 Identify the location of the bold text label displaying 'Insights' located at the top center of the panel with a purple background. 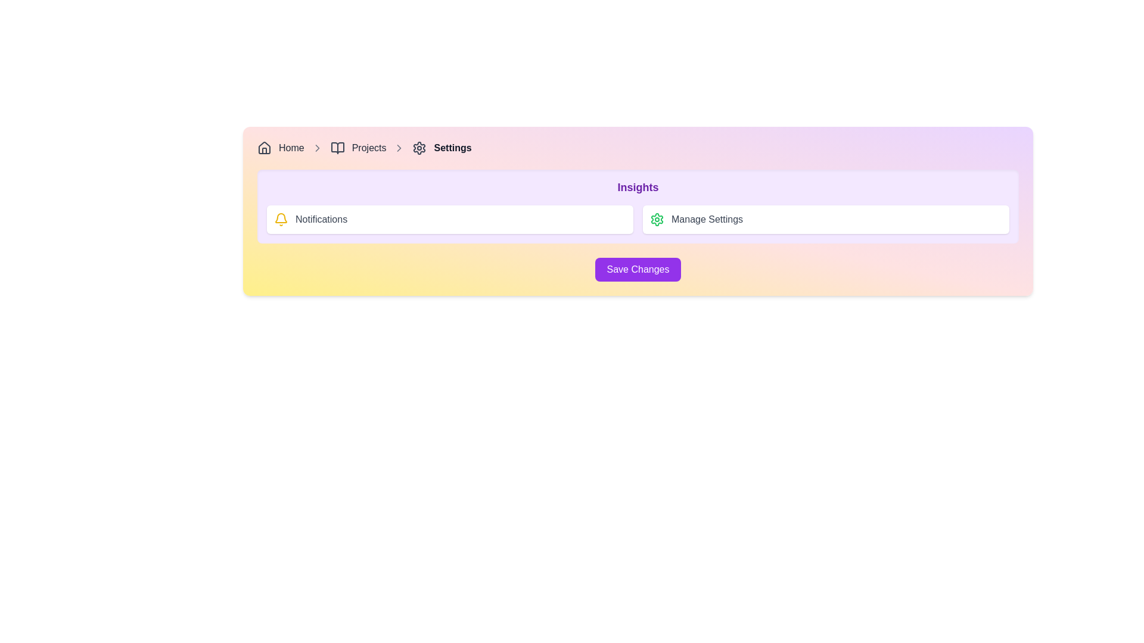
(637, 188).